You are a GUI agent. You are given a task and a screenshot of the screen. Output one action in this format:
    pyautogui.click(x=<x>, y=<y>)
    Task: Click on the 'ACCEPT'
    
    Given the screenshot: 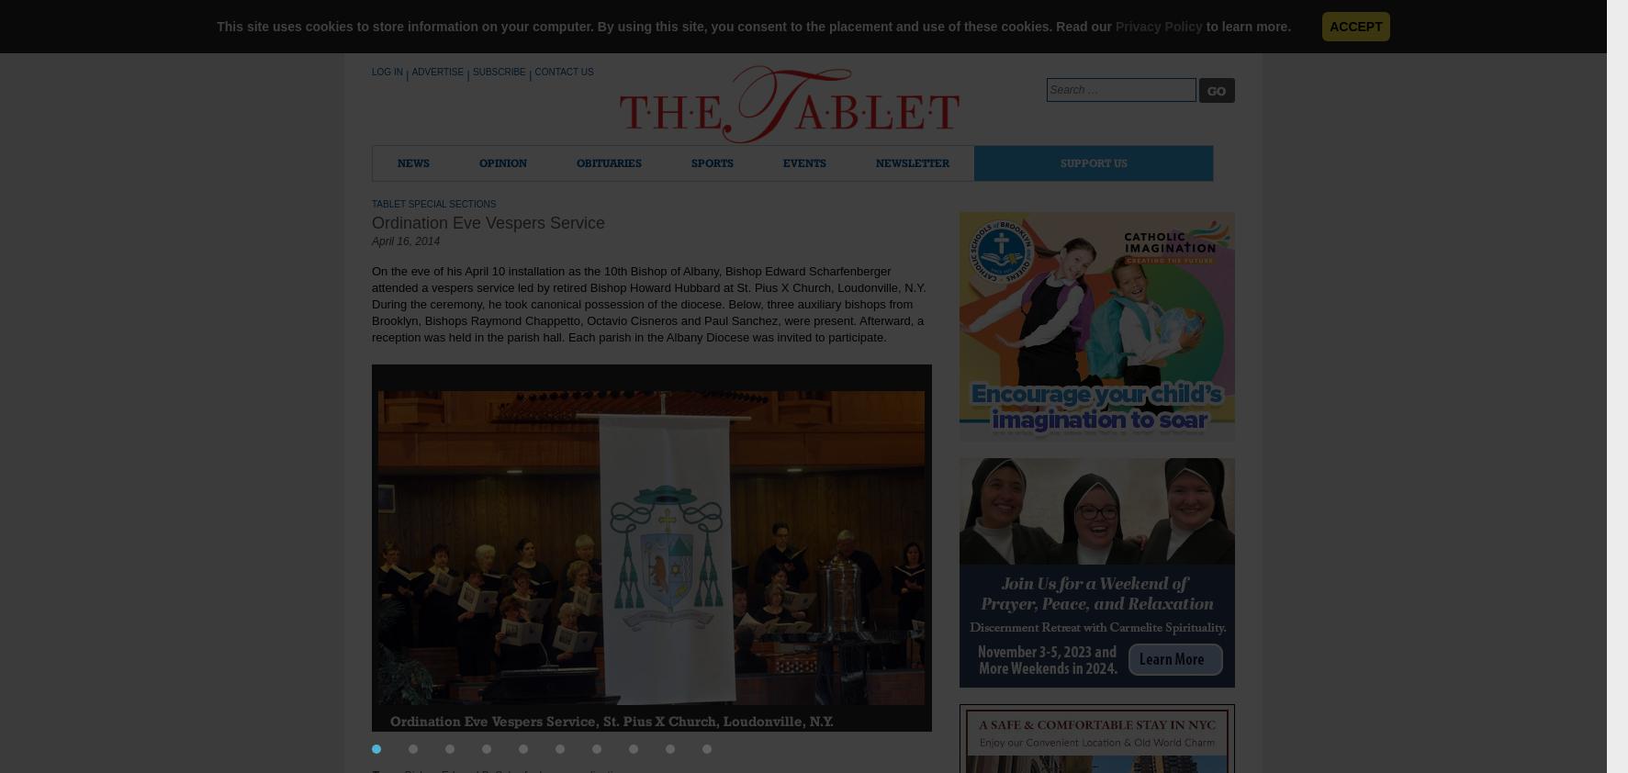 What is the action you would take?
    pyautogui.click(x=1354, y=25)
    